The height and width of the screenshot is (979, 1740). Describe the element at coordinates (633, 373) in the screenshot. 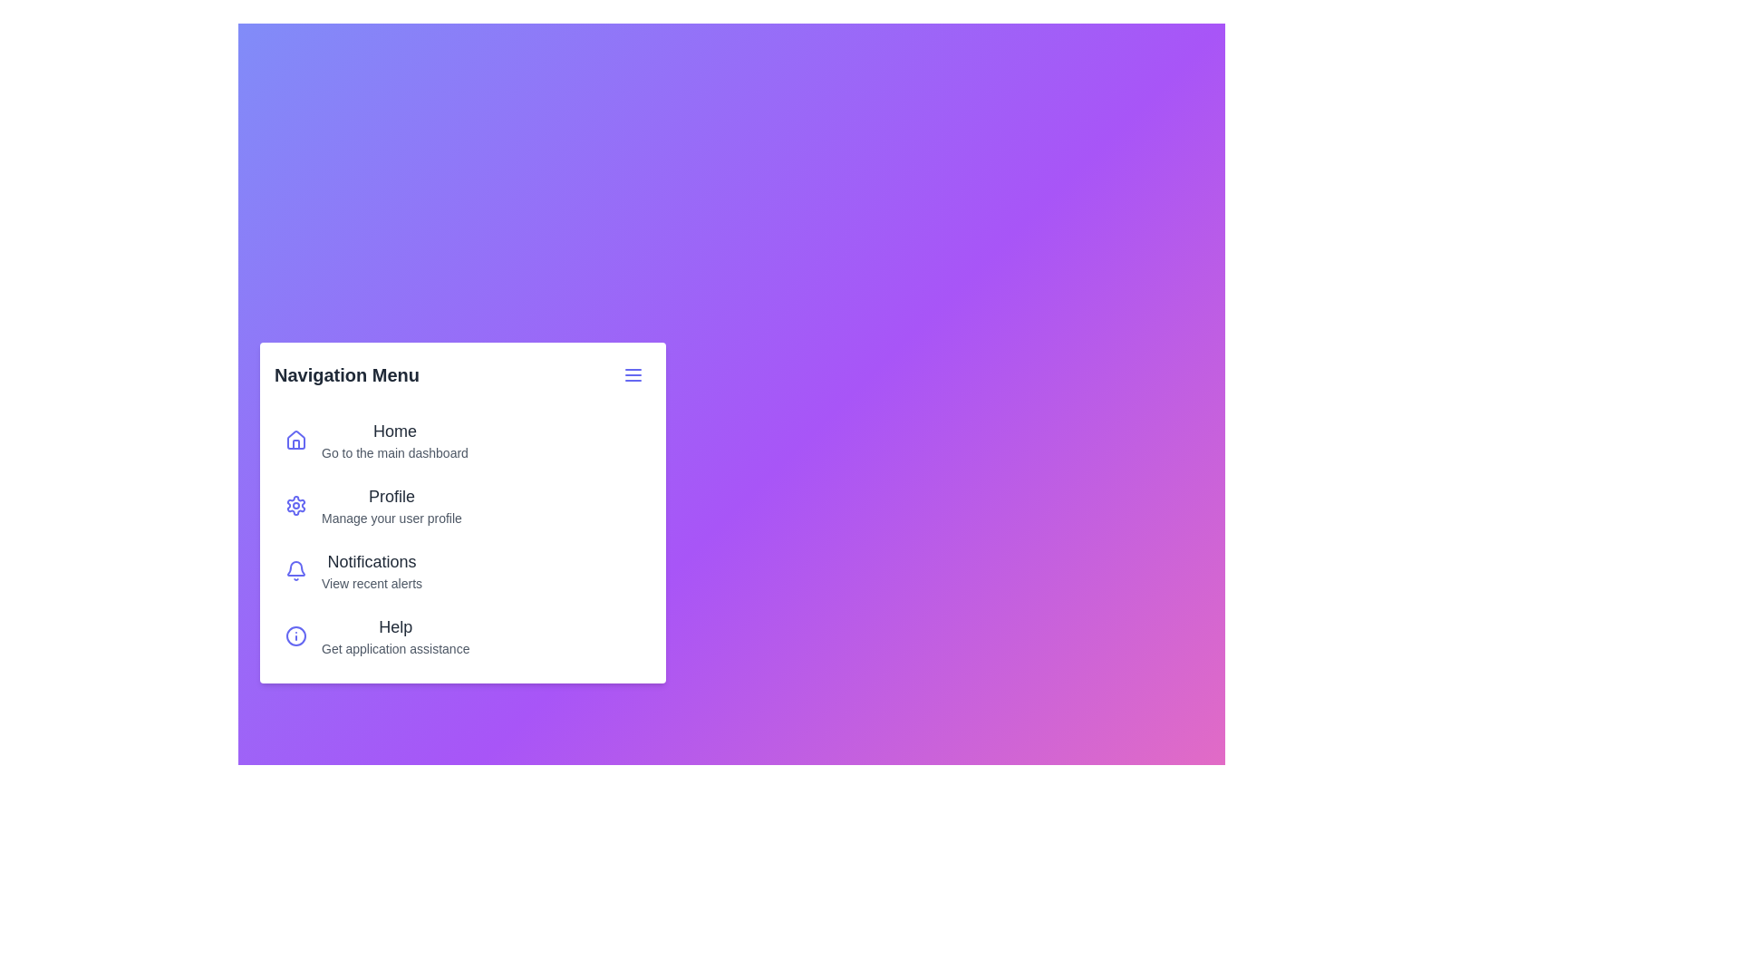

I see `the menu button to toggle the visibility of the menu` at that location.